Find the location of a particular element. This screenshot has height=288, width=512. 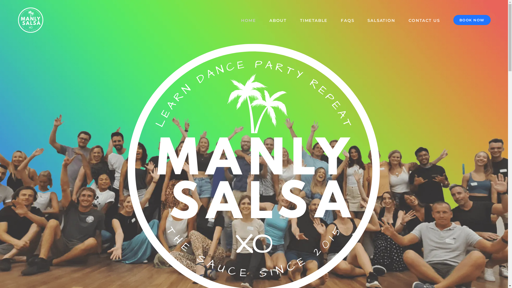

'SALSATION' is located at coordinates (381, 19).